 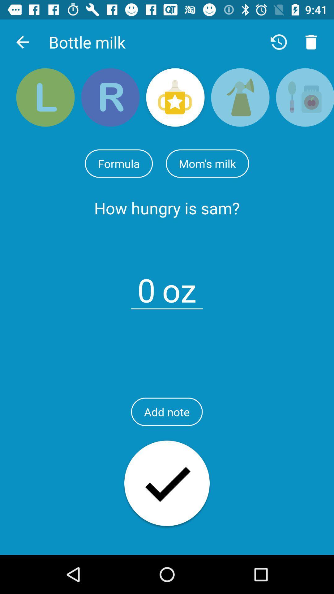 What do you see at coordinates (119, 163) in the screenshot?
I see `the icon to the left of mom's milk` at bounding box center [119, 163].